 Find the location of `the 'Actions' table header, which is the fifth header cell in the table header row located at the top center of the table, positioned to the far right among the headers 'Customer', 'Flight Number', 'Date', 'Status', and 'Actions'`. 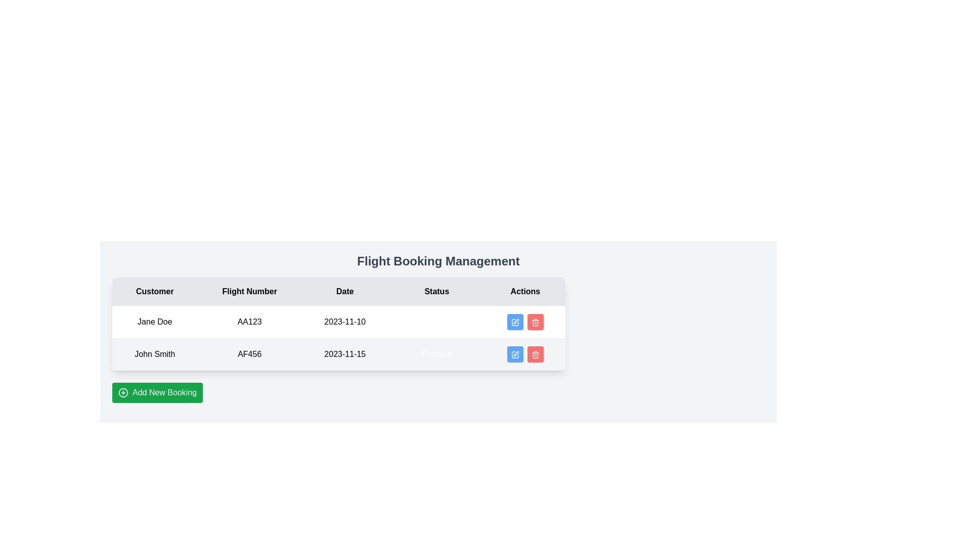

the 'Actions' table header, which is the fifth header cell in the table header row located at the top center of the table, positioned to the far right among the headers 'Customer', 'Flight Number', 'Date', 'Status', and 'Actions' is located at coordinates (525, 292).